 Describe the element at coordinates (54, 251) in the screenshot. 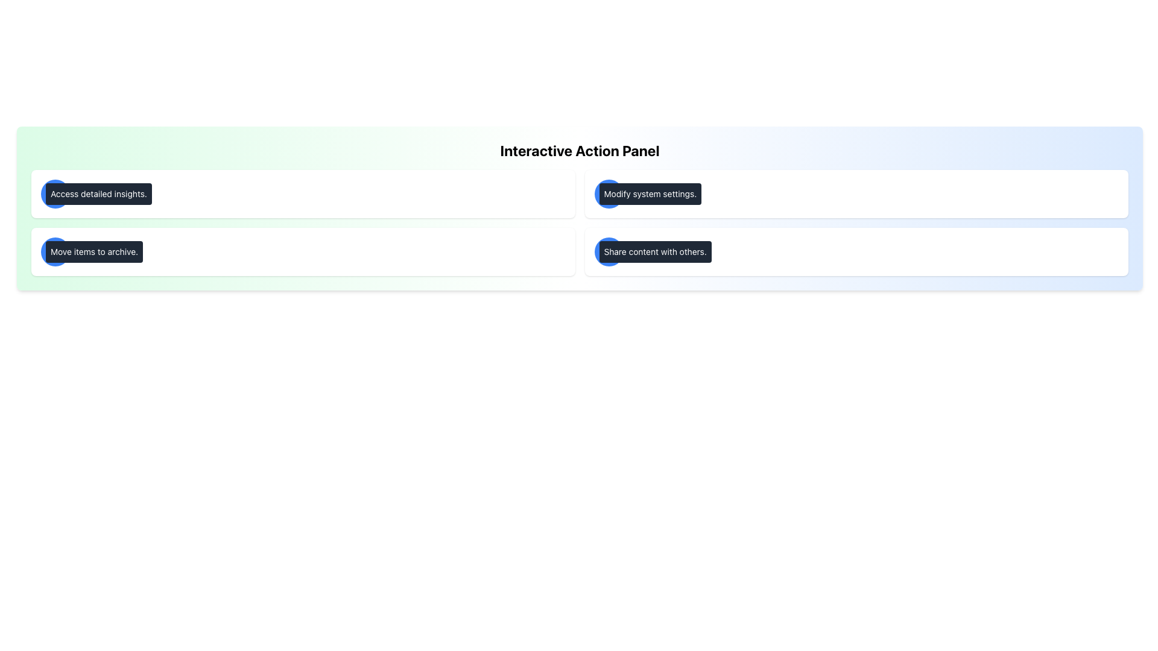

I see `the archive icon within the button-like interface, located adjacent to the text 'Move items to archive.'` at that location.